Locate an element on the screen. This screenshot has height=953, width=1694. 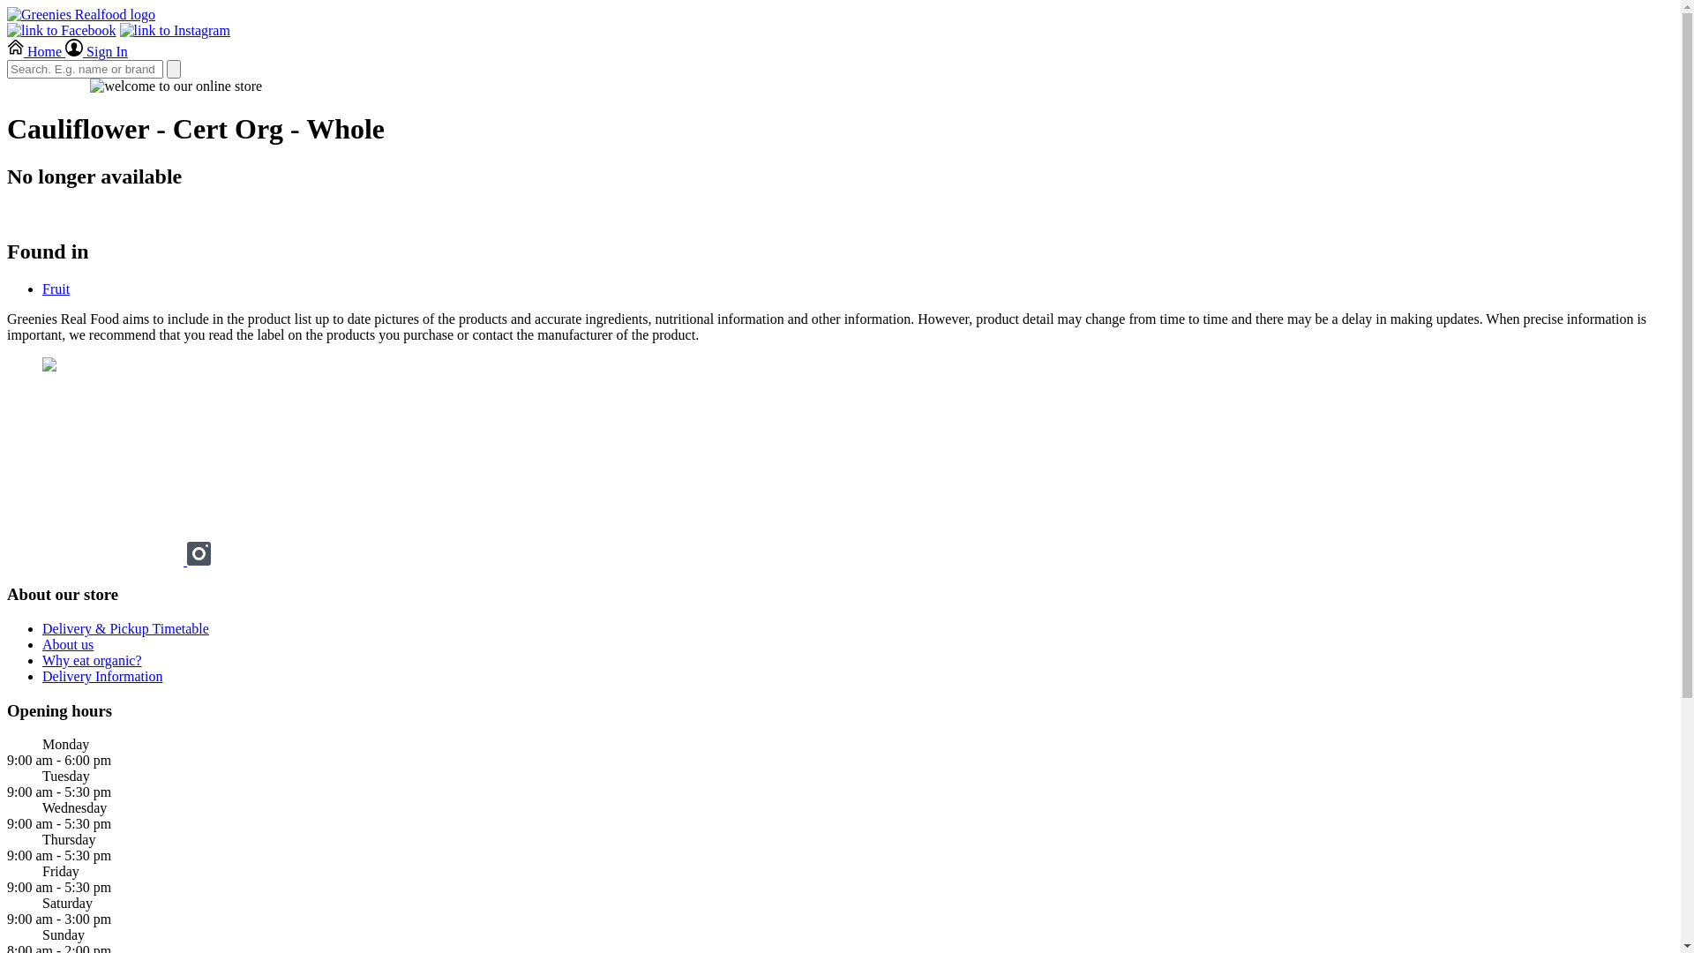
'Fruit' is located at coordinates (56, 288).